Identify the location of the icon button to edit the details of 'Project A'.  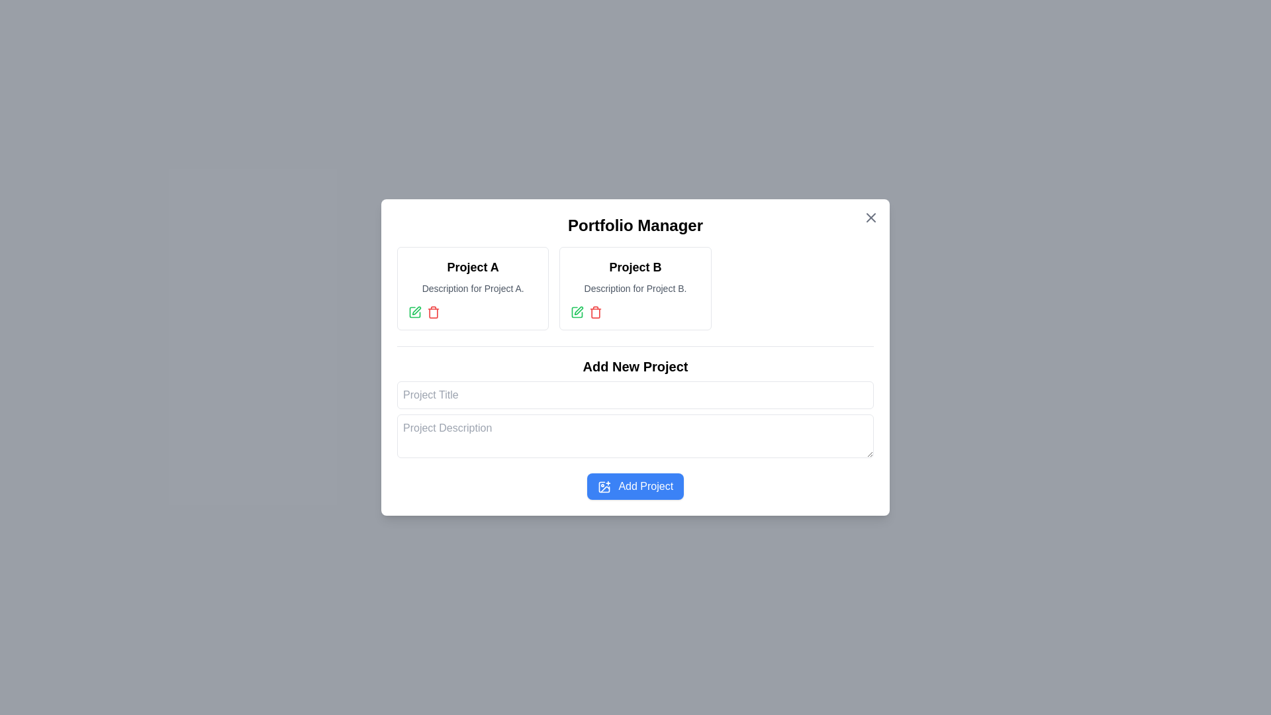
(577, 312).